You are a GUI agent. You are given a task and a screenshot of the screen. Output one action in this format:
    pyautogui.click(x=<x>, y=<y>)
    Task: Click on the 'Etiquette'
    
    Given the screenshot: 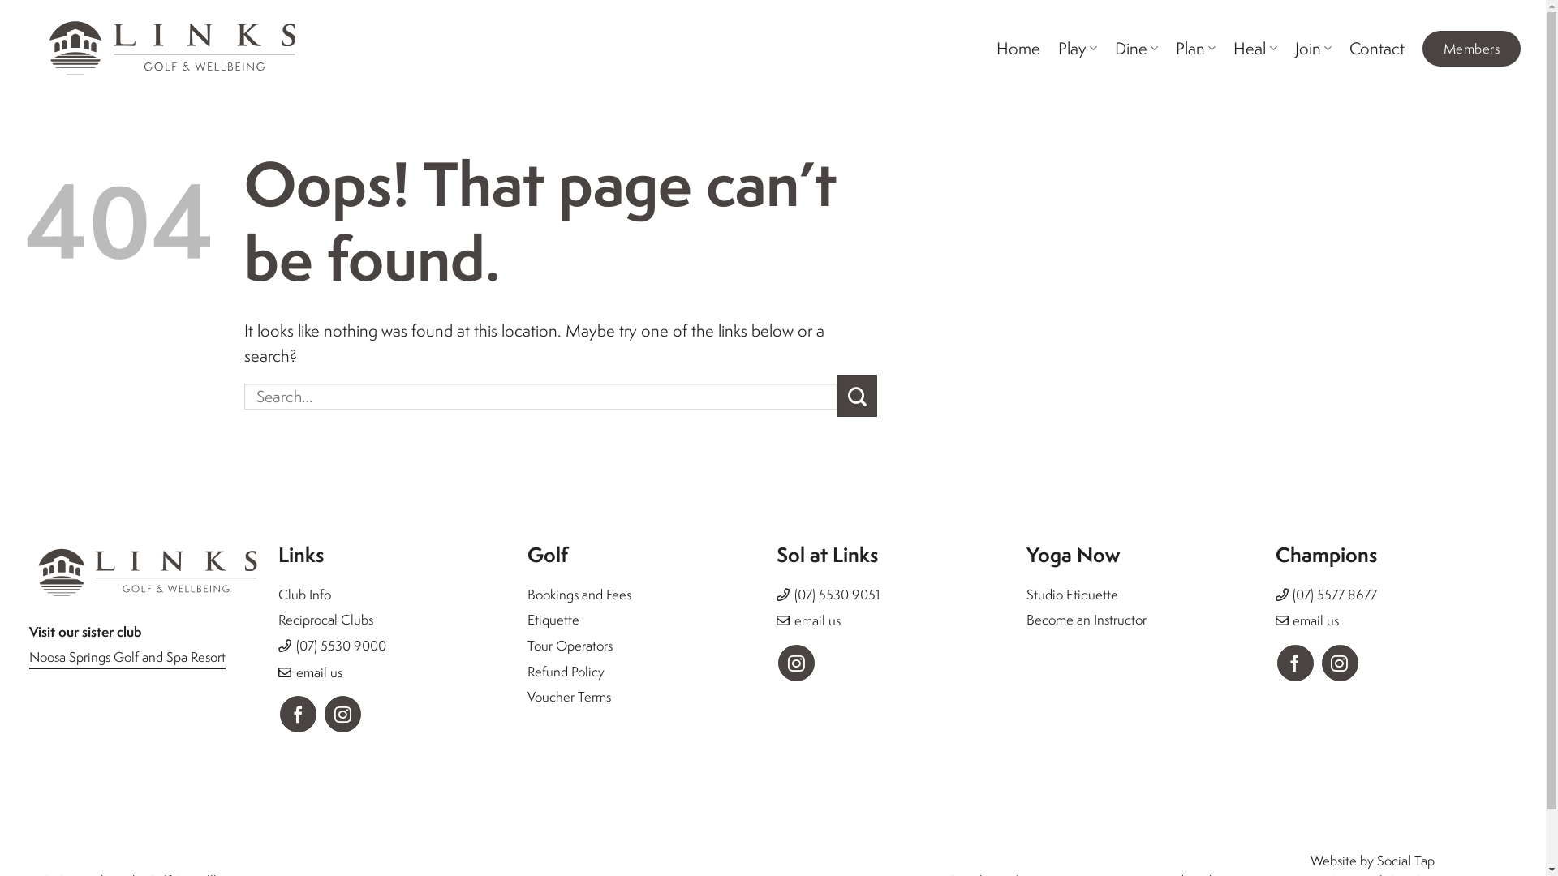 What is the action you would take?
    pyautogui.click(x=553, y=619)
    